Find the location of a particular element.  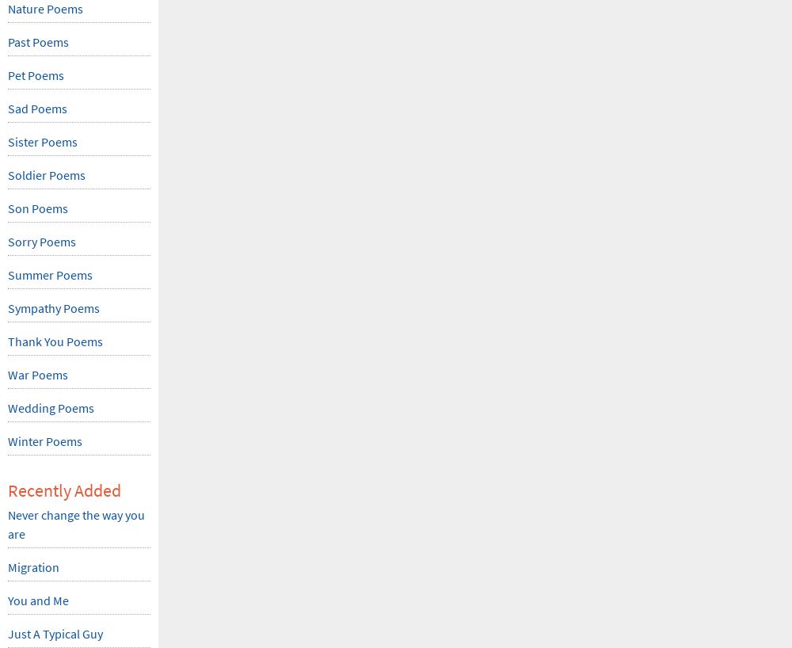

'Winter Poems' is located at coordinates (45, 440).